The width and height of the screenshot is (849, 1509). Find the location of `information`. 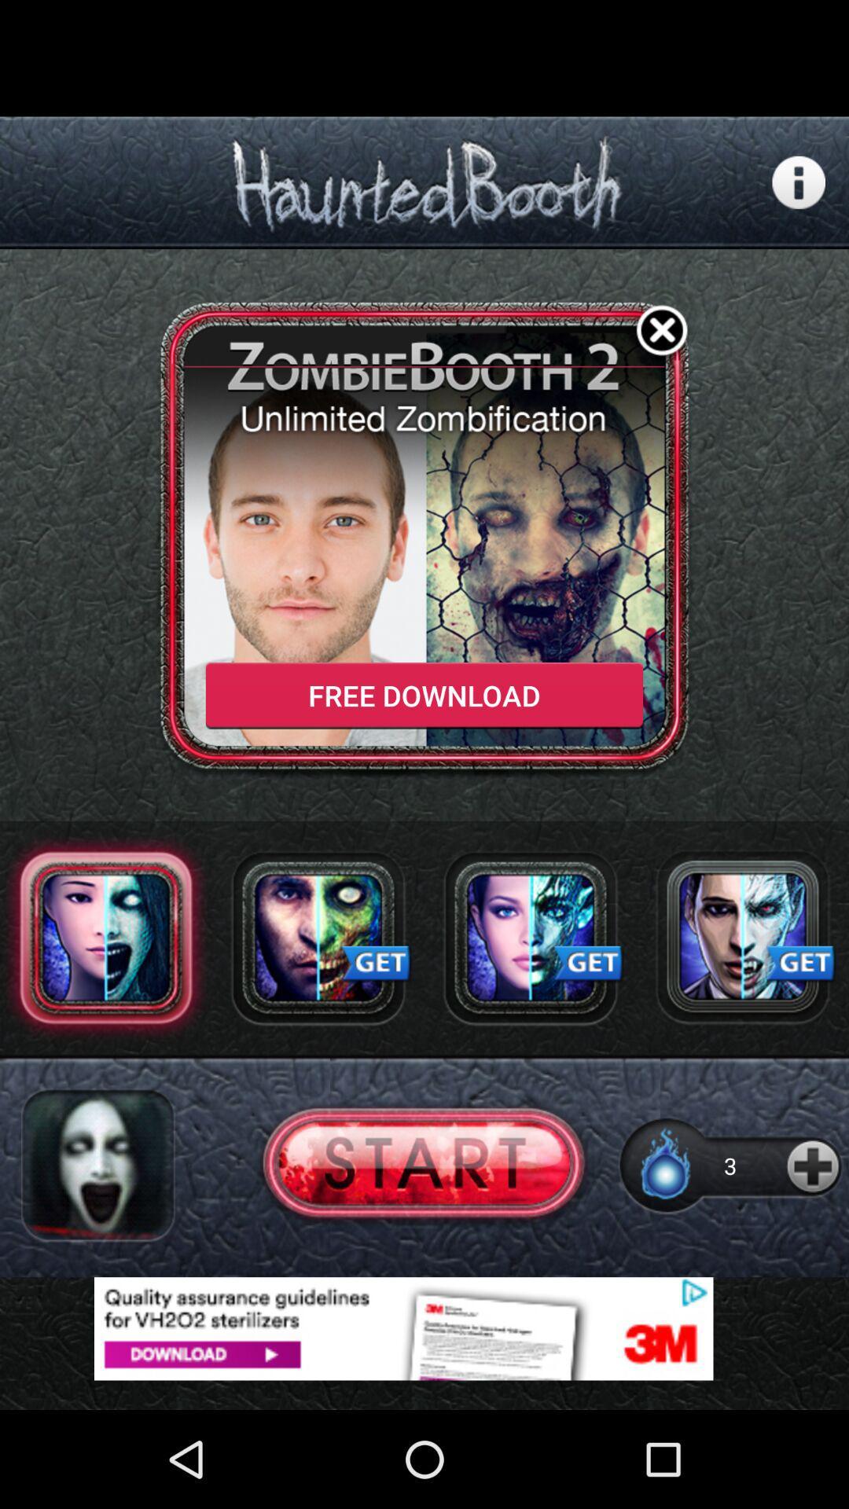

information is located at coordinates (799, 182).